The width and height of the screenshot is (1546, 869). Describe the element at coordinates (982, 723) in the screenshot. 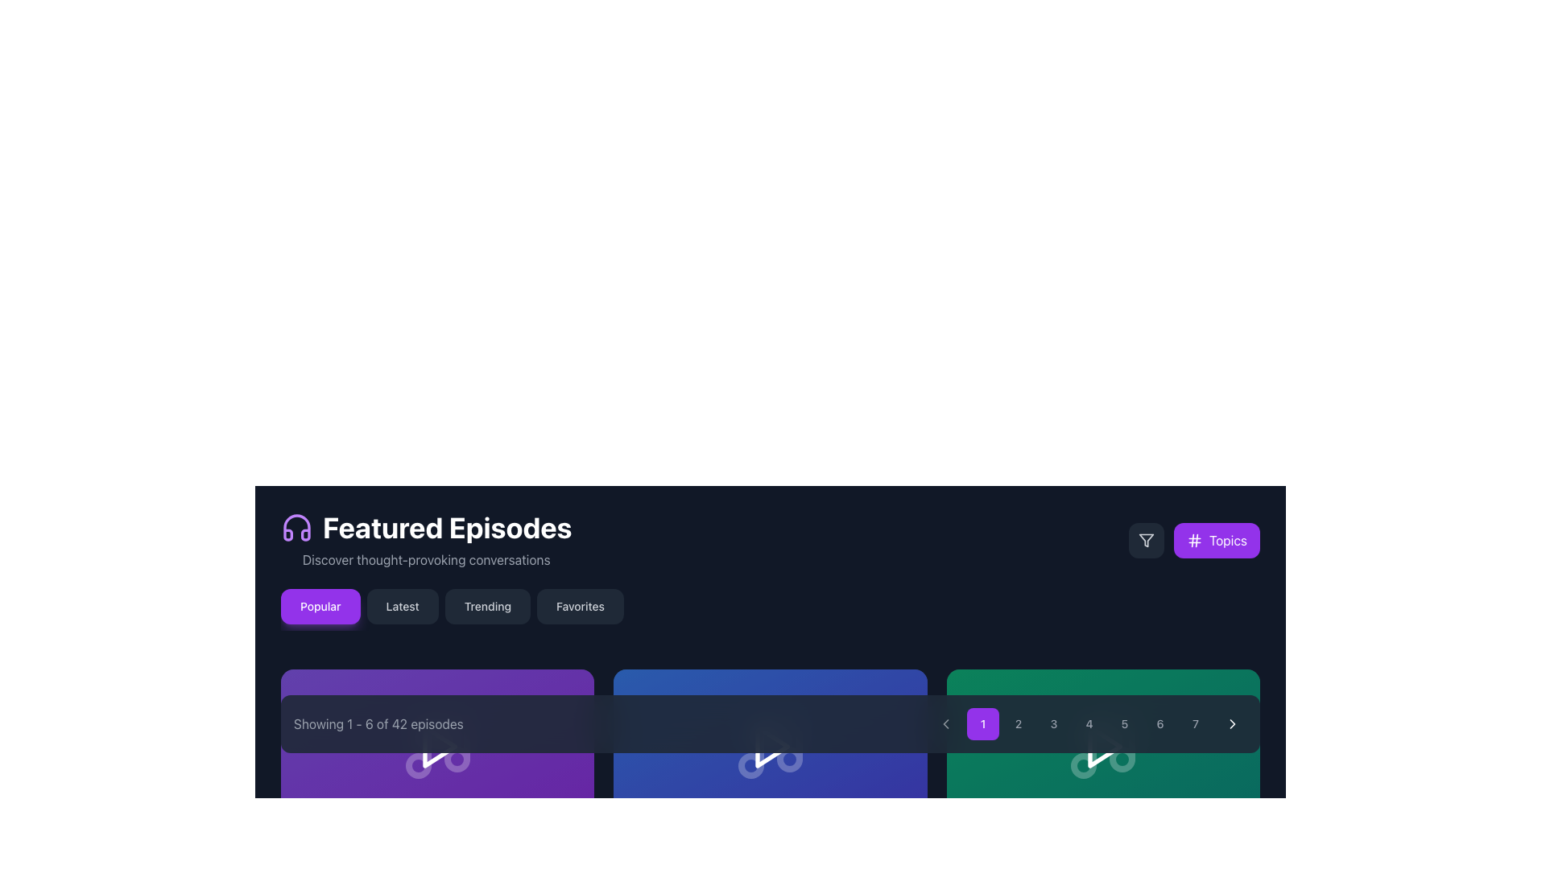

I see `the leftmost circular button with a purple background and white text '1'` at that location.